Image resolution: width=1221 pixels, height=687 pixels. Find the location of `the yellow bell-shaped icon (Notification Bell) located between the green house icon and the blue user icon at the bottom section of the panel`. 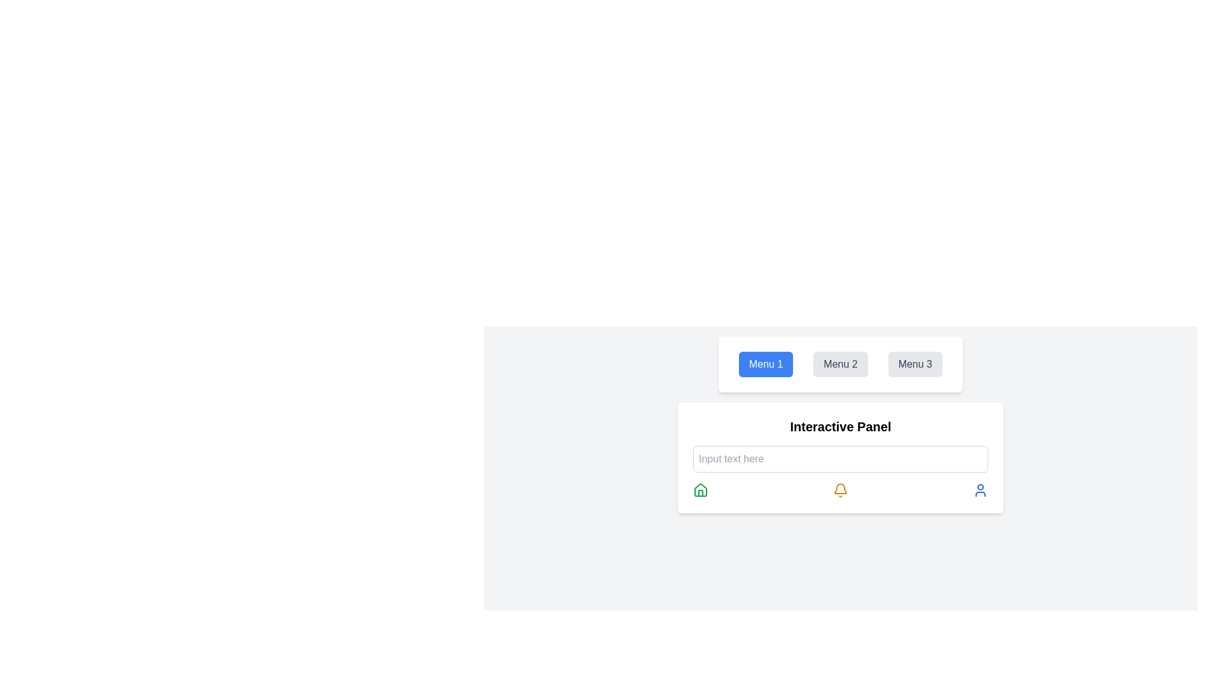

the yellow bell-shaped icon (Notification Bell) located between the green house icon and the blue user icon at the bottom section of the panel is located at coordinates (840, 490).